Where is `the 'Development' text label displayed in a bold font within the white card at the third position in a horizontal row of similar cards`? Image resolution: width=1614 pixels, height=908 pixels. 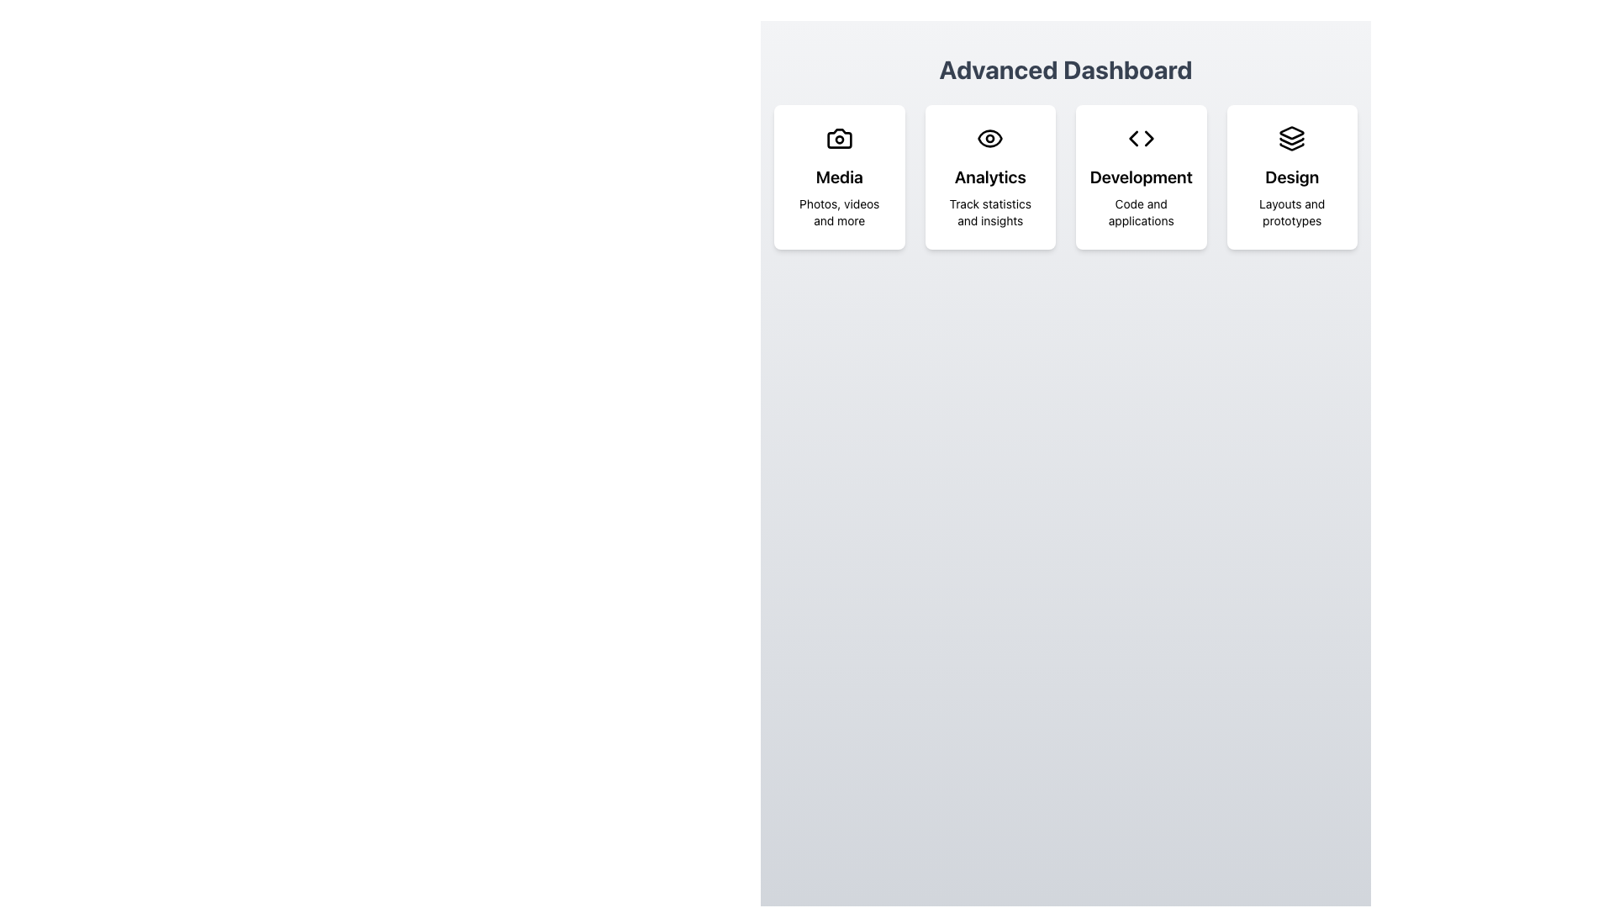
the 'Development' text label displayed in a bold font within the white card at the third position in a horizontal row of similar cards is located at coordinates (1141, 177).